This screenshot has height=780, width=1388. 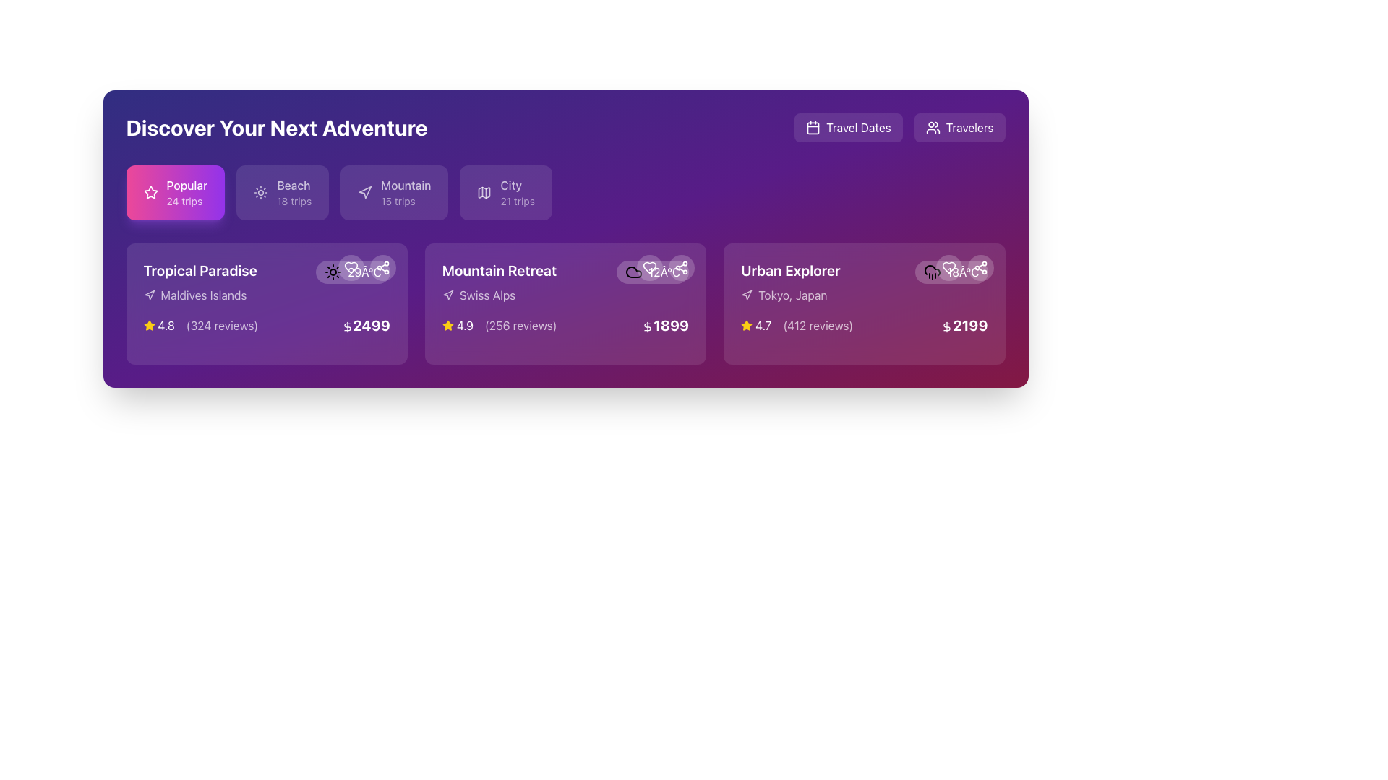 I want to click on the 'Swiss Alps' text label, which is styled in white text with slight transparency on a purple background, located in the 'Mountain Retreat' section of the interface, so click(x=487, y=294).